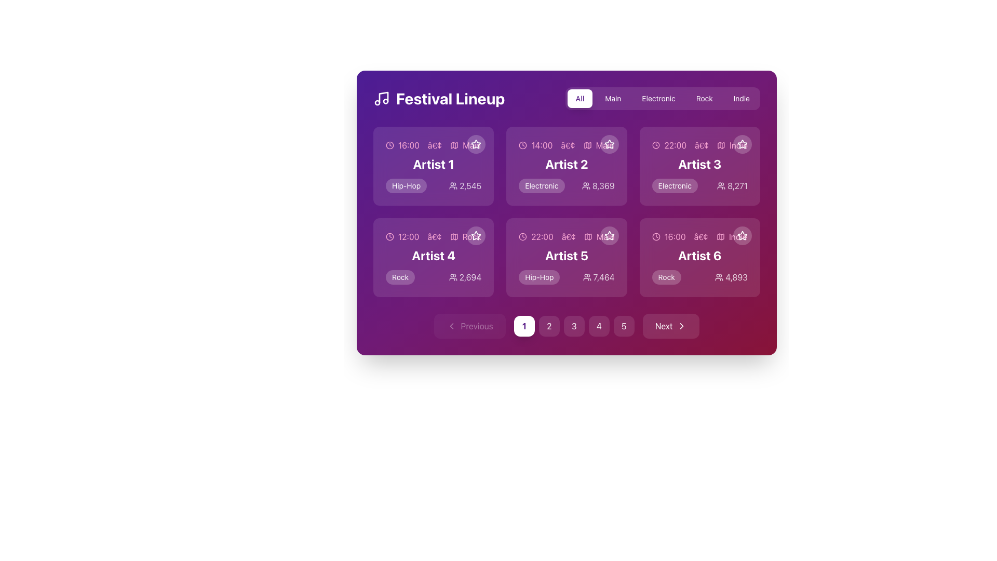 The image size is (997, 561). Describe the element at coordinates (400, 276) in the screenshot. I see `the pill-shaped label with the text 'Rock' located in the bottom-left corner of the card for 'Artist 4' in the 'Festival Lineup' interface` at that location.